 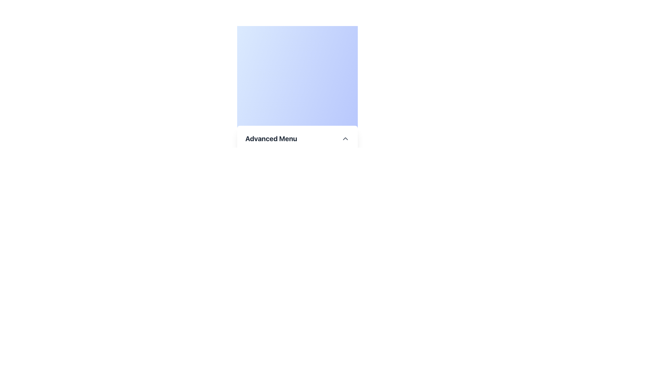 I want to click on the chevron icon button located to the right of the 'Advanced Menu' text, so click(x=345, y=138).